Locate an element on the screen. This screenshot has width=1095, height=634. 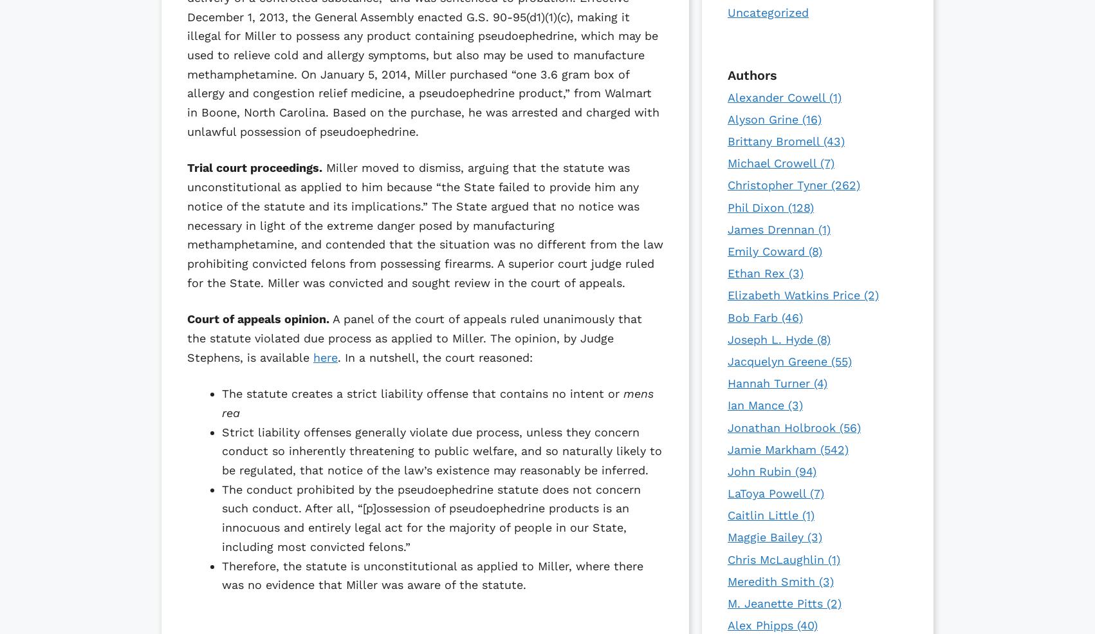
'John Rubin' is located at coordinates (726, 471).